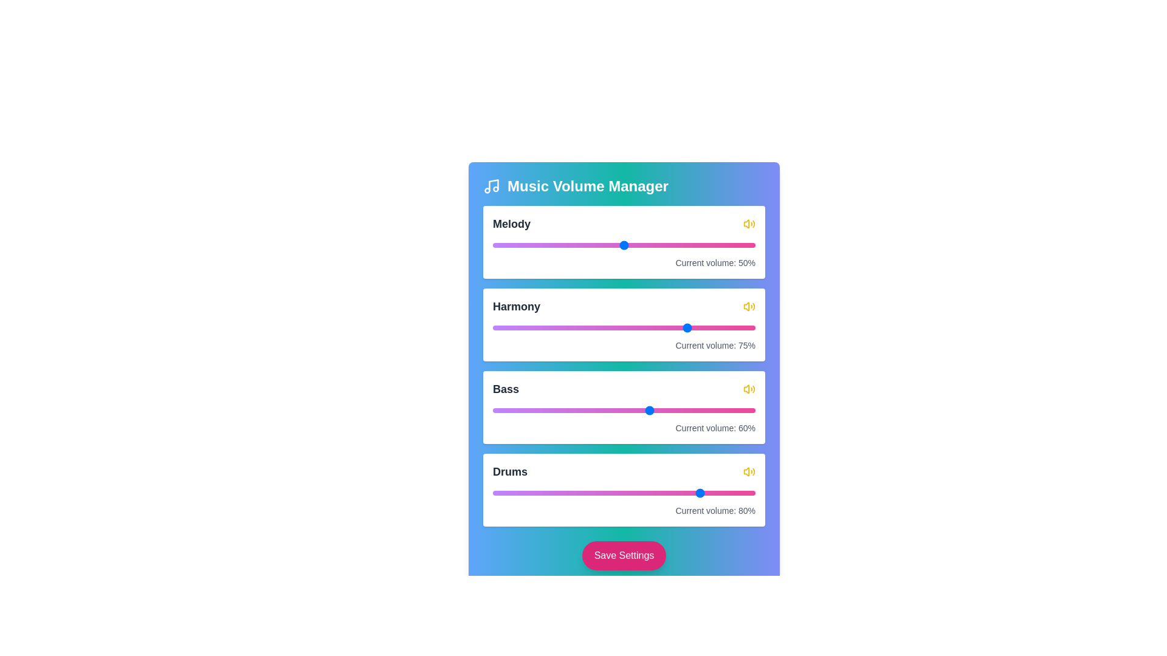  What do you see at coordinates (624, 555) in the screenshot?
I see `'Save Settings' button` at bounding box center [624, 555].